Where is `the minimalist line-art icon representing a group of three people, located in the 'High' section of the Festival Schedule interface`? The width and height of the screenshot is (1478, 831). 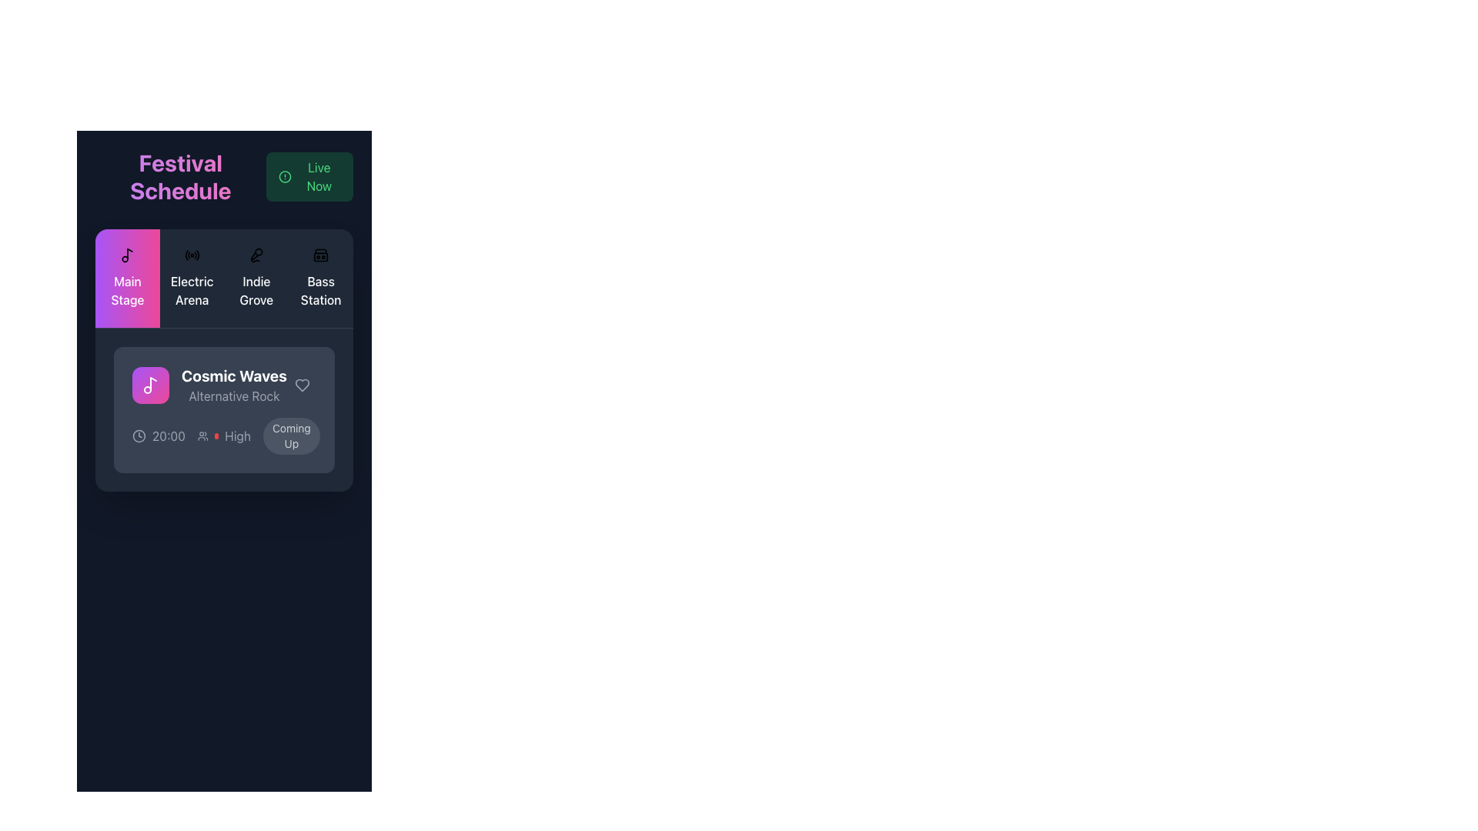
the minimalist line-art icon representing a group of three people, located in the 'High' section of the Festival Schedule interface is located at coordinates (202, 436).